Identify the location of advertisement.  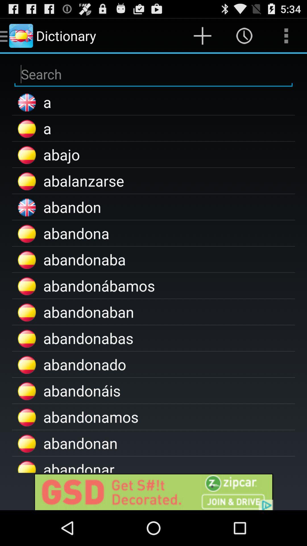
(153, 491).